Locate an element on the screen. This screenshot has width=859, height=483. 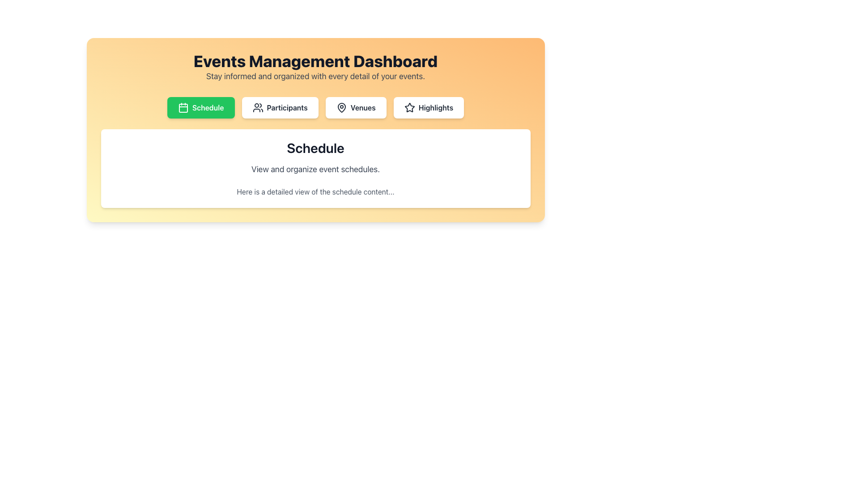
the green 'Schedule' button with a calendar icon located in the header section is located at coordinates (200, 107).